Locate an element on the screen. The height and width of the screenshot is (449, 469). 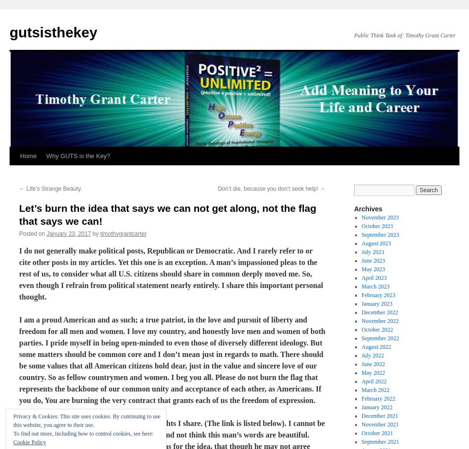
'September 2022' is located at coordinates (380, 338).